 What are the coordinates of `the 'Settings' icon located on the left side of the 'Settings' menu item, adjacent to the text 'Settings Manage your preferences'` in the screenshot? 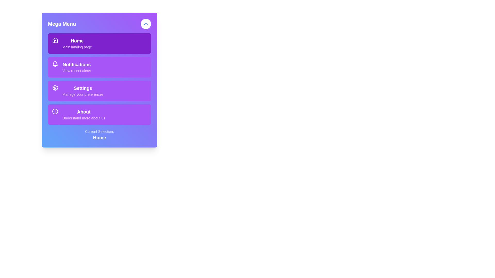 It's located at (55, 87).